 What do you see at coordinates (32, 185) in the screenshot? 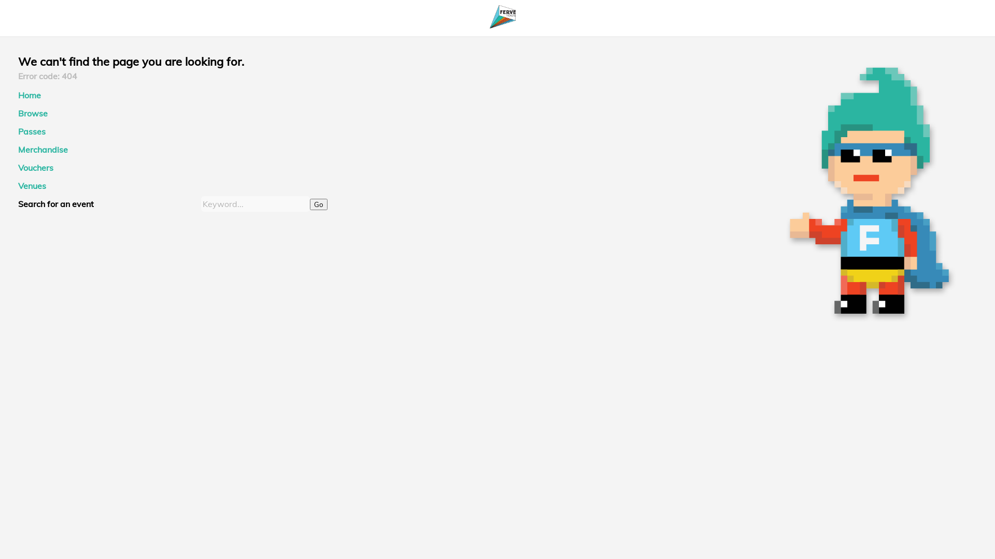
I see `'Venues'` at bounding box center [32, 185].